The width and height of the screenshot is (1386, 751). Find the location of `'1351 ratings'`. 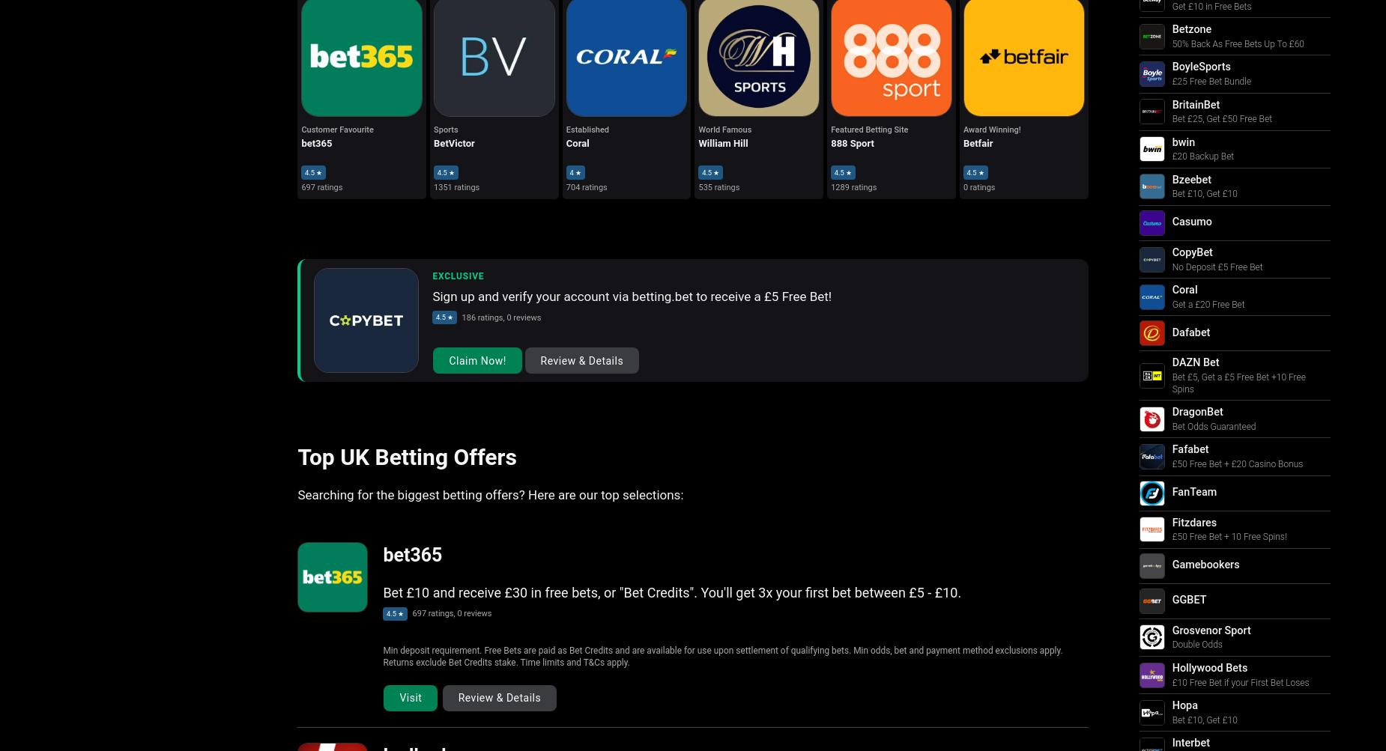

'1351 ratings' is located at coordinates (456, 186).